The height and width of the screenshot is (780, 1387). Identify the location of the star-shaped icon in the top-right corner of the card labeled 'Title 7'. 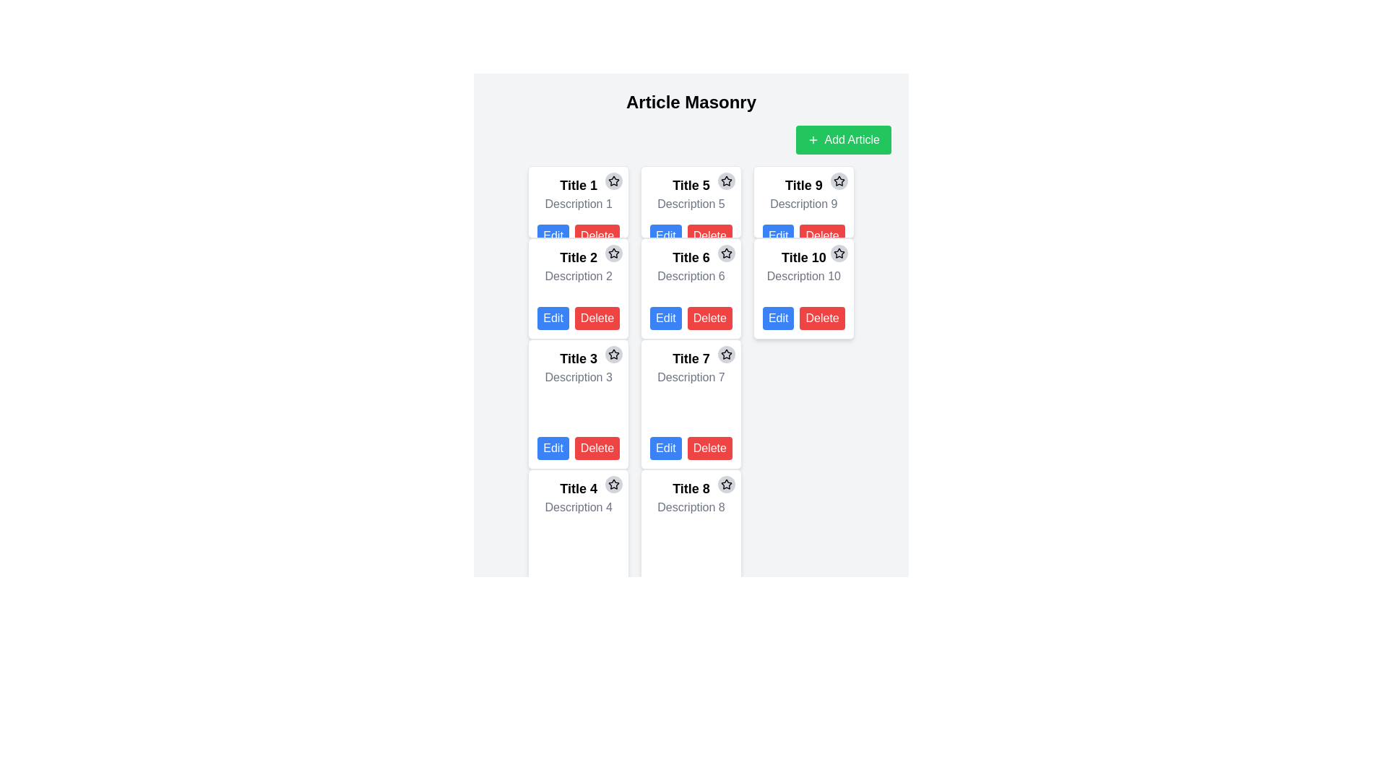
(726, 354).